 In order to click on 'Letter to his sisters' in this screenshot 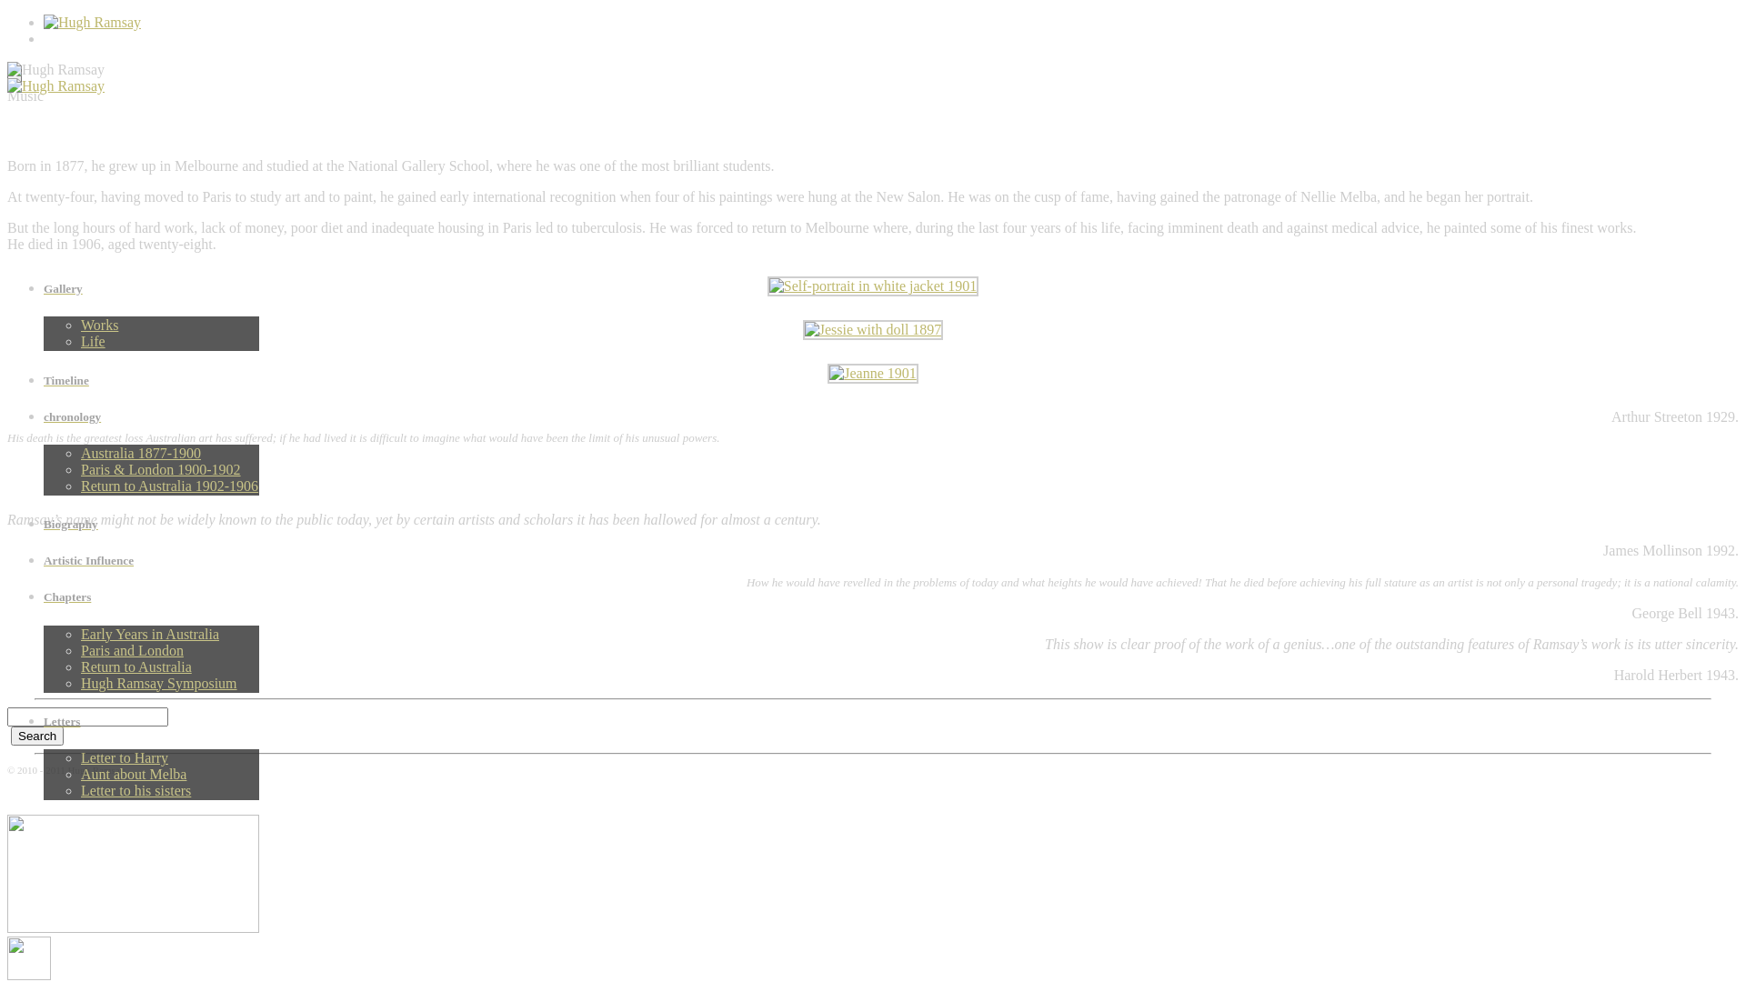, I will do `click(80, 789)`.